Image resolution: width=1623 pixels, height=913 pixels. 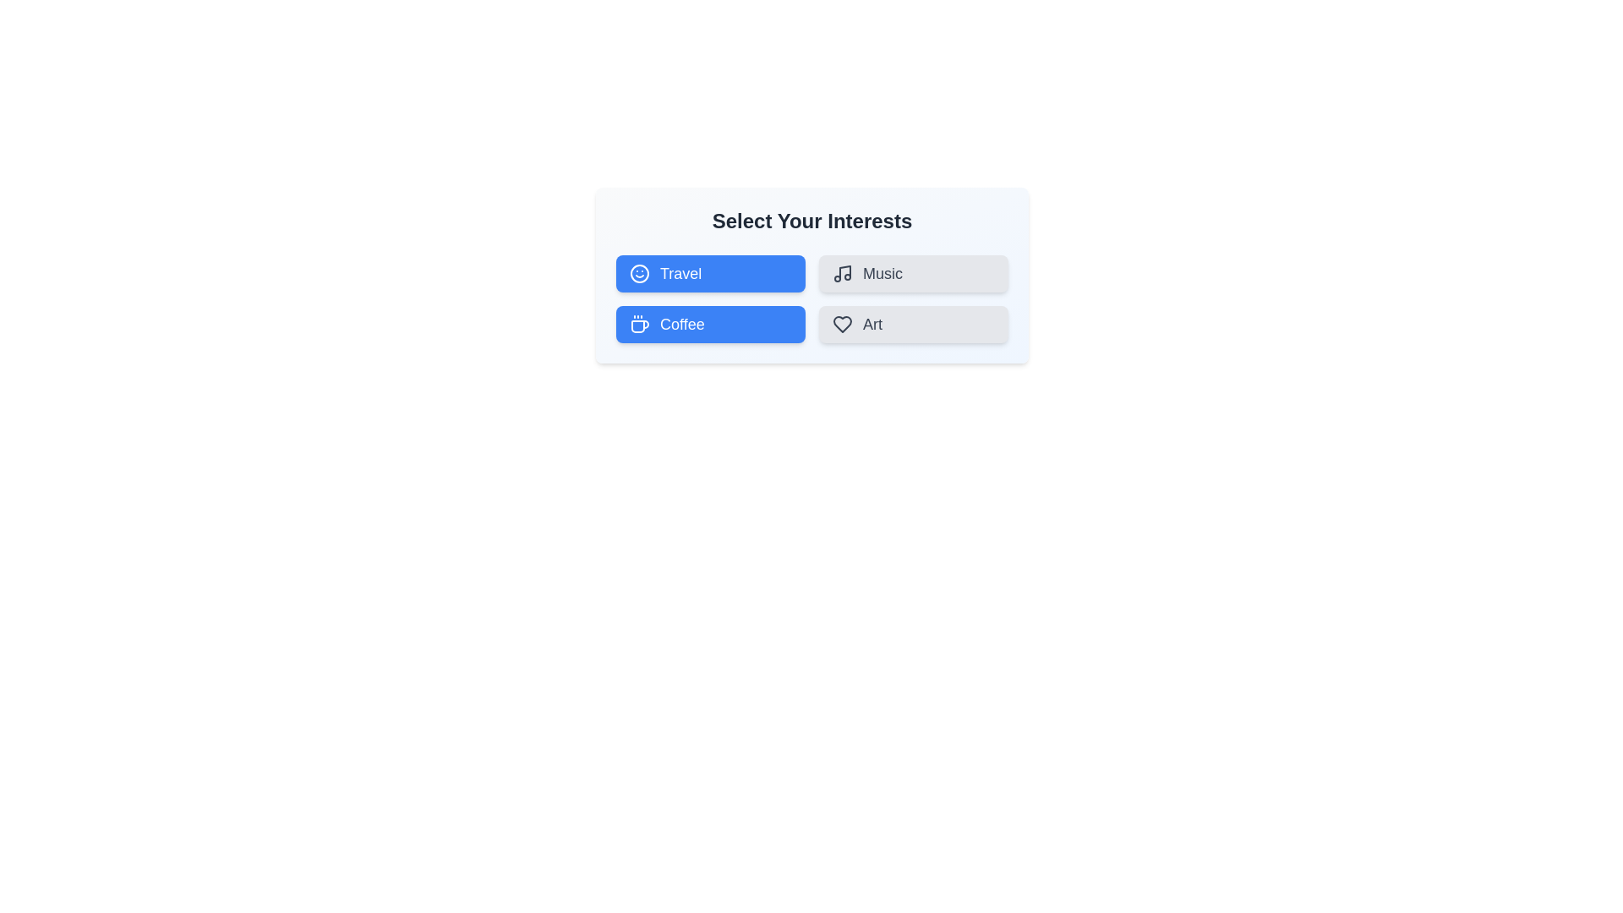 I want to click on the button labeled Travel to observe its hover effect, so click(x=710, y=273).